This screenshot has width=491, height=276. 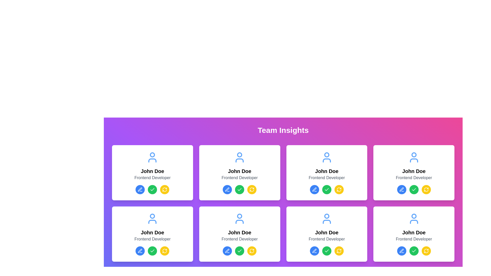 What do you see at coordinates (314, 251) in the screenshot?
I see `the circular blue button with a white pen icon located at the bottom left of the card in the second row, fourth column of the grid layout` at bounding box center [314, 251].